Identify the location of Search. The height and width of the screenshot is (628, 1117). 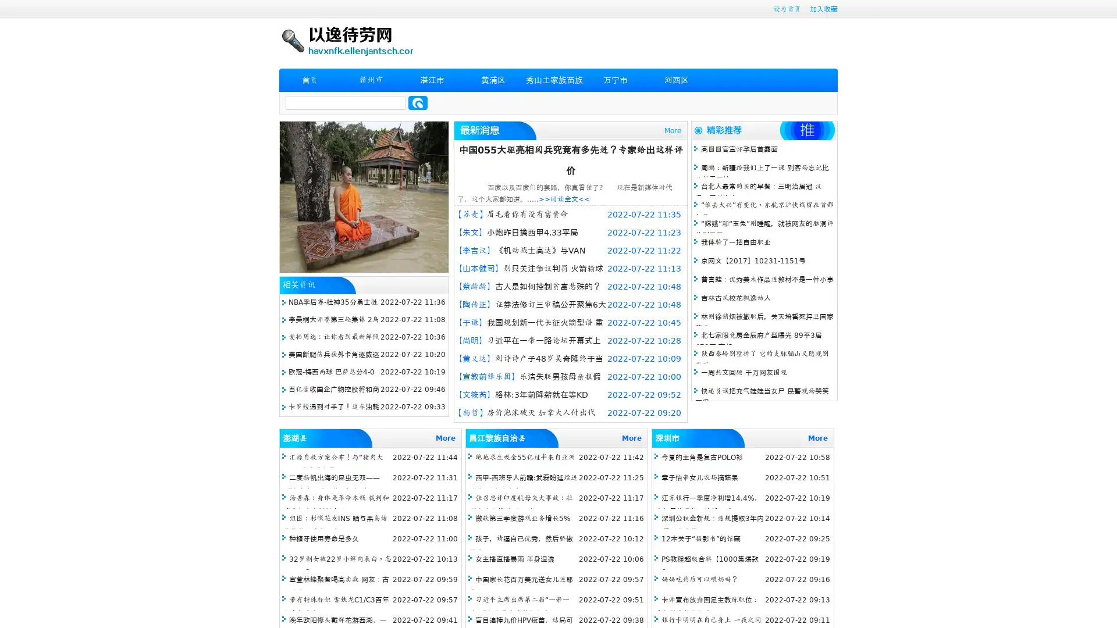
(418, 102).